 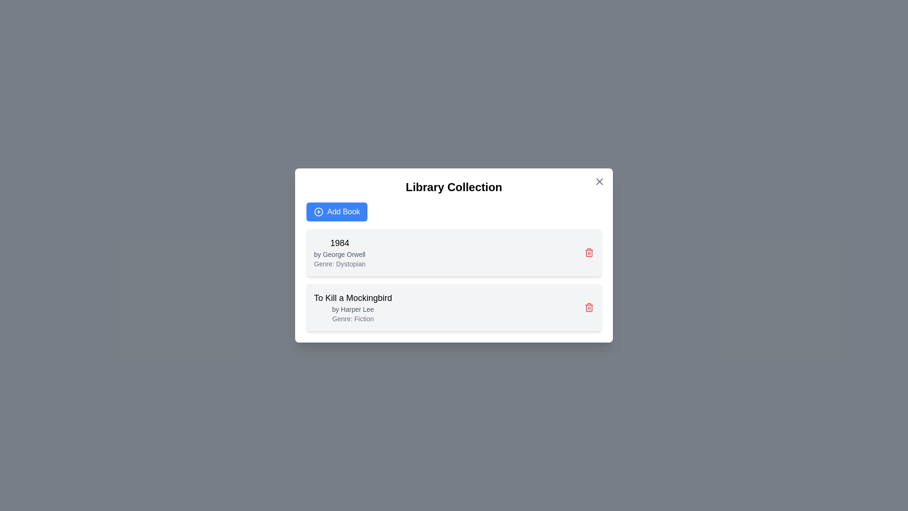 I want to click on the small 'X' icon resembling a close button in the top right corner of the modal header, so click(x=599, y=182).